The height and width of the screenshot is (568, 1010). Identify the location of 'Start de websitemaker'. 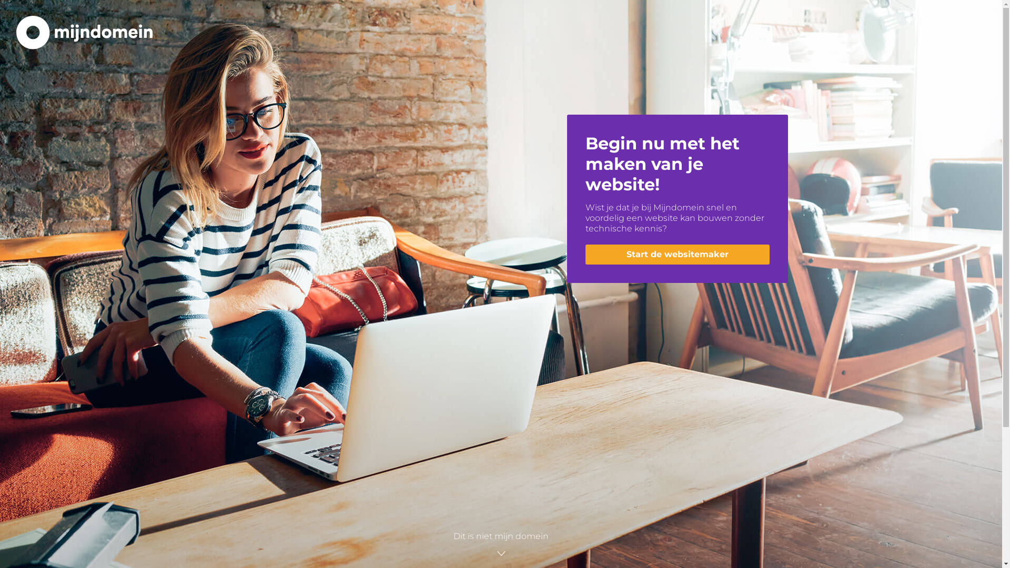
(676, 254).